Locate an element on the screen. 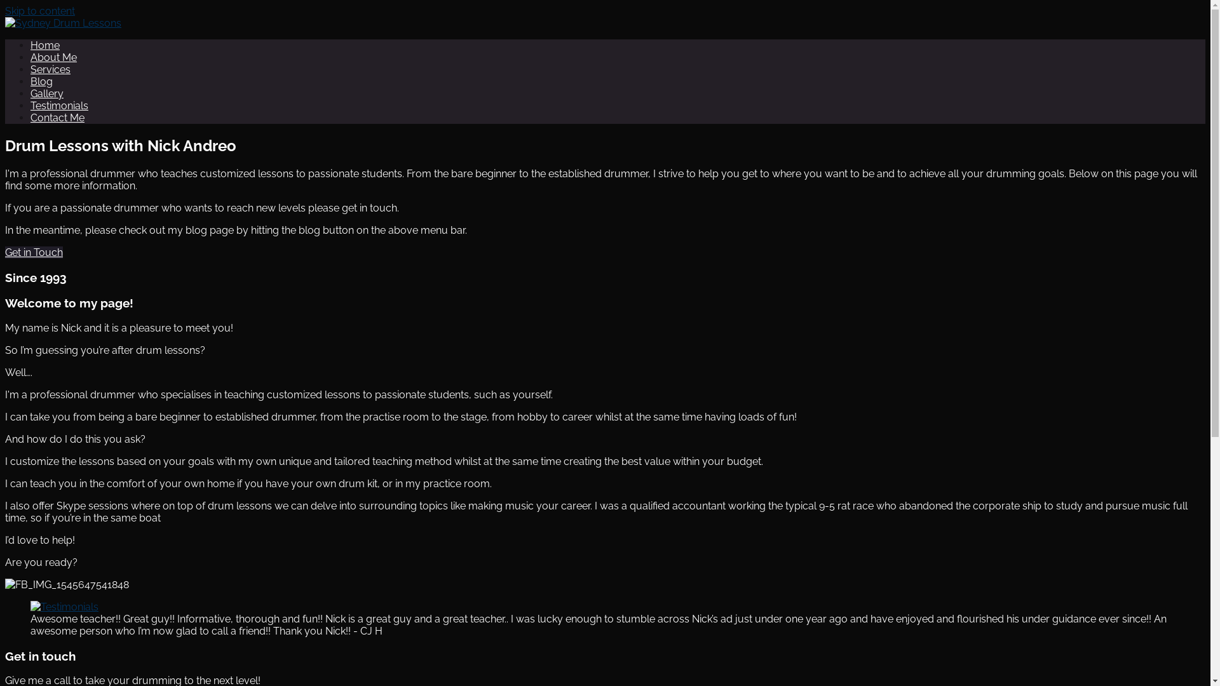  'Sydney Drum Lessons' is located at coordinates (109, 55).